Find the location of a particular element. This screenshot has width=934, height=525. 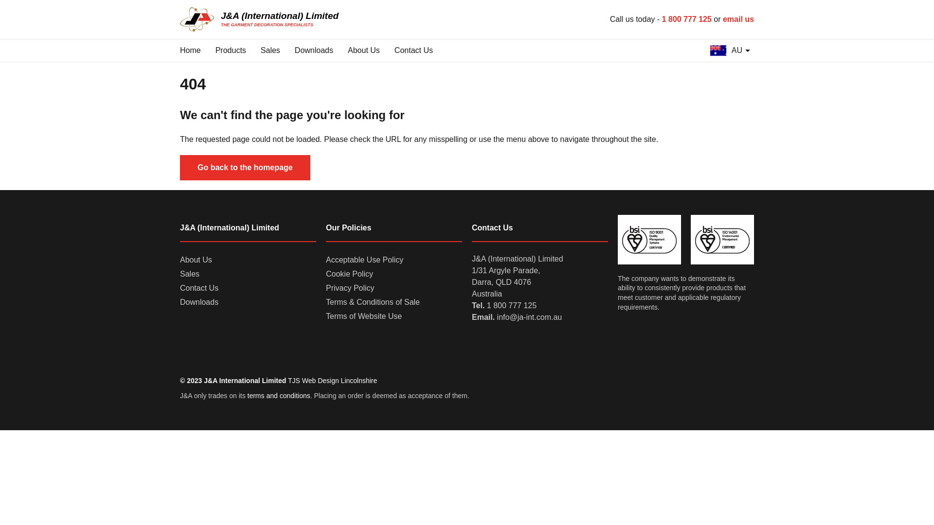

'Home' is located at coordinates (190, 51).